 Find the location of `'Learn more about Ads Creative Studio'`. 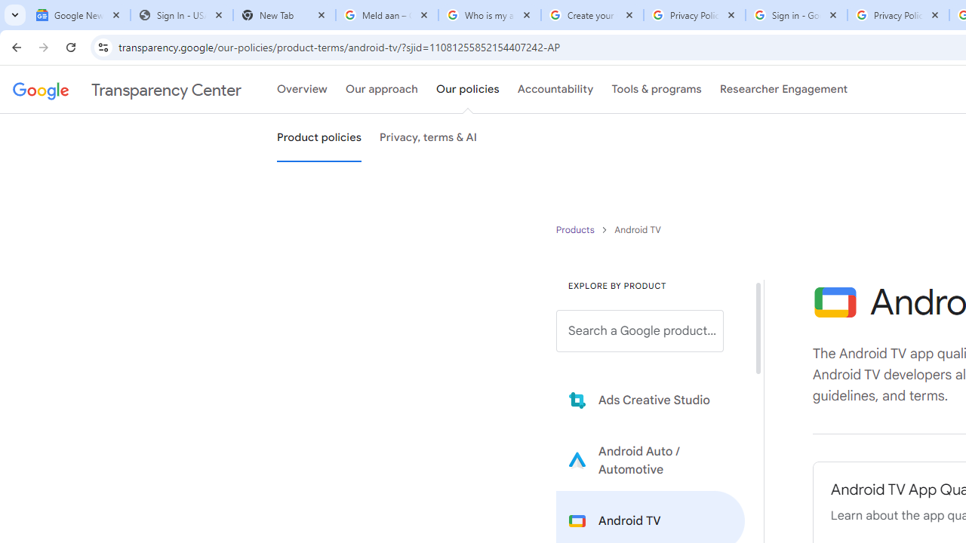

'Learn more about Ads Creative Studio' is located at coordinates (651, 400).